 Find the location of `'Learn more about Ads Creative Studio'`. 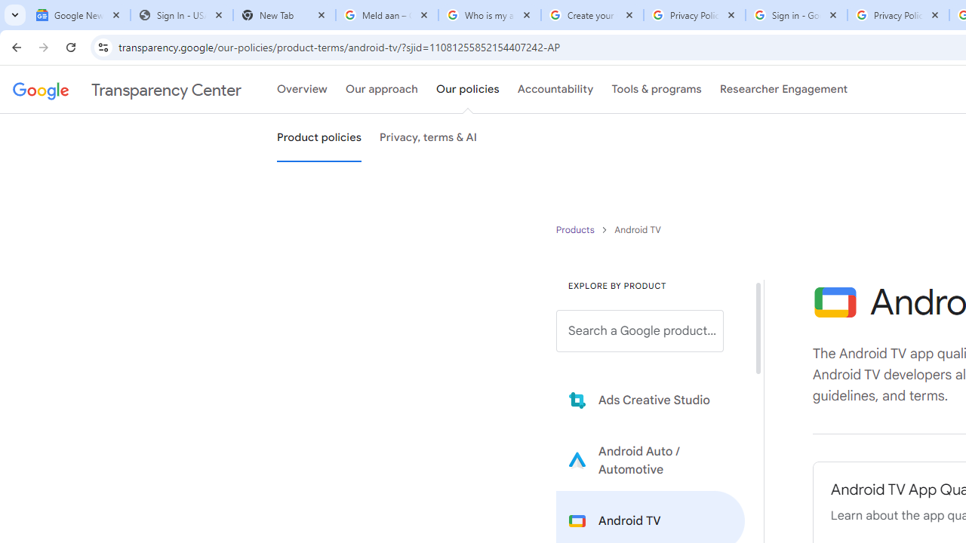

'Learn more about Ads Creative Studio' is located at coordinates (651, 400).